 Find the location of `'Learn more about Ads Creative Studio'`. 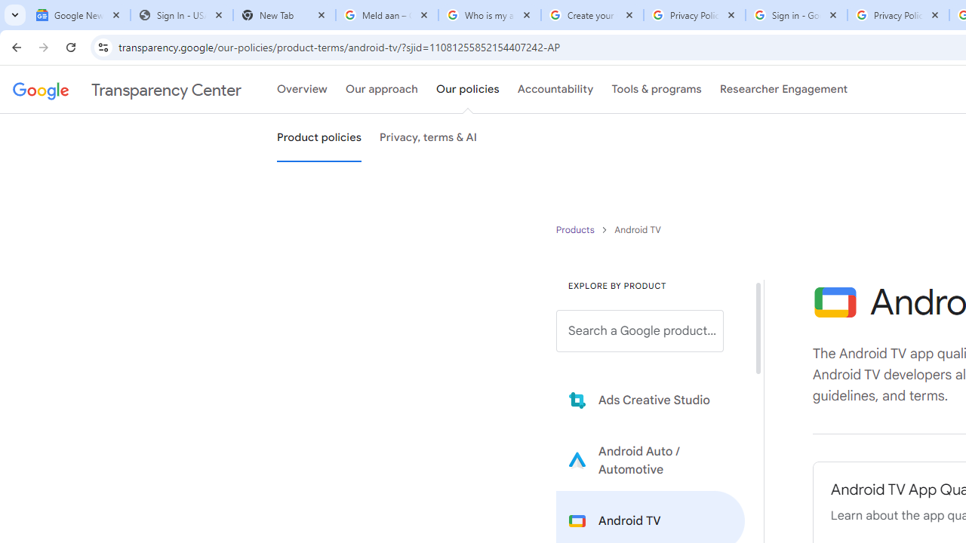

'Learn more about Ads Creative Studio' is located at coordinates (651, 400).